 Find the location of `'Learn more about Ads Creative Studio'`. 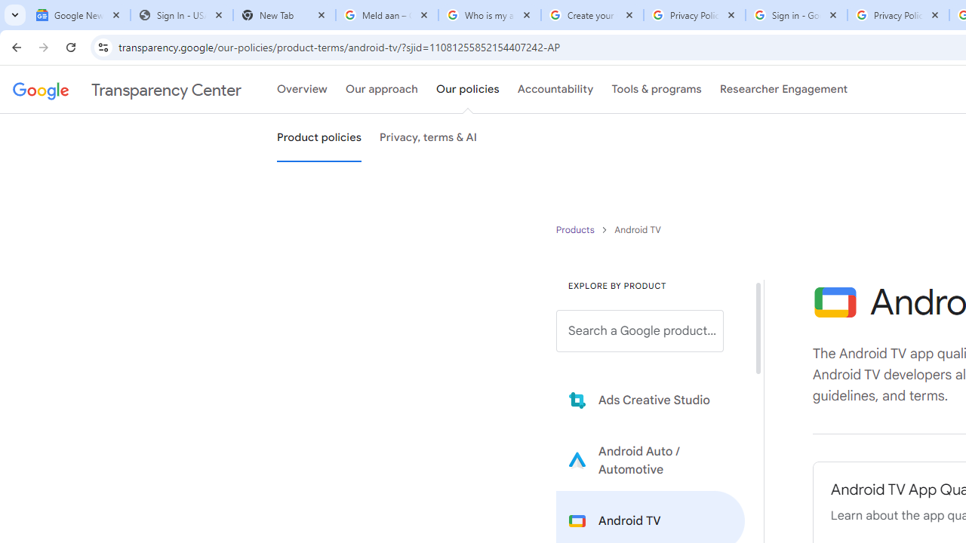

'Learn more about Ads Creative Studio' is located at coordinates (651, 400).